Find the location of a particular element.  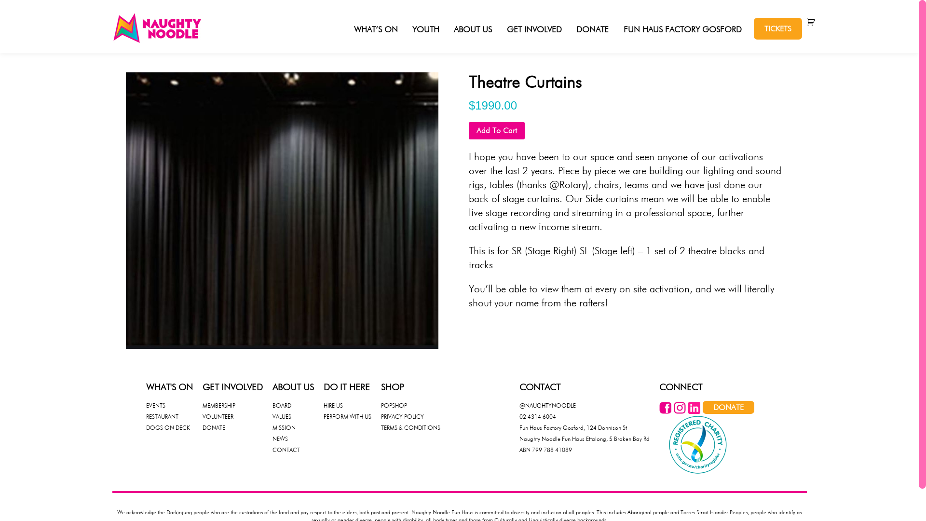

'Linkedin' is located at coordinates (693, 411).